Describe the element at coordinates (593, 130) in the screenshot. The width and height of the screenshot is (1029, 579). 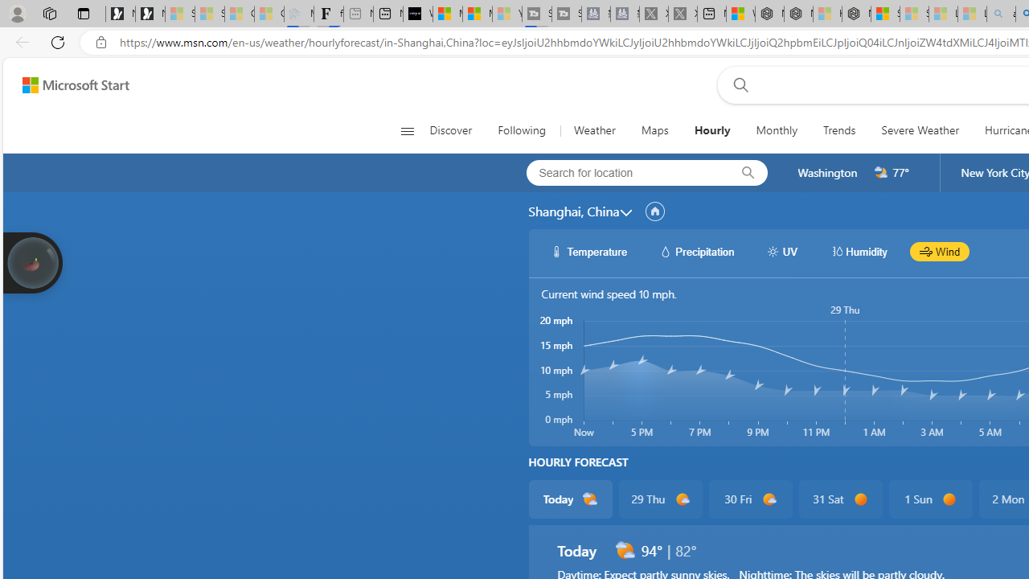
I see `'Weather'` at that location.